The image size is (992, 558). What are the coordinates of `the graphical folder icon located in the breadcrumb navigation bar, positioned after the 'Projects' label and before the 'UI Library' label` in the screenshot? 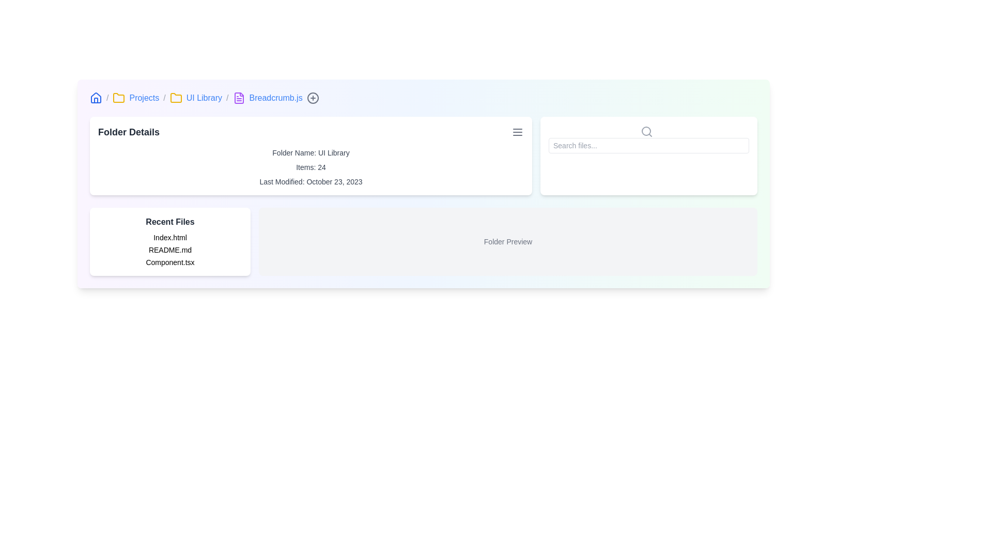 It's located at (119, 98).